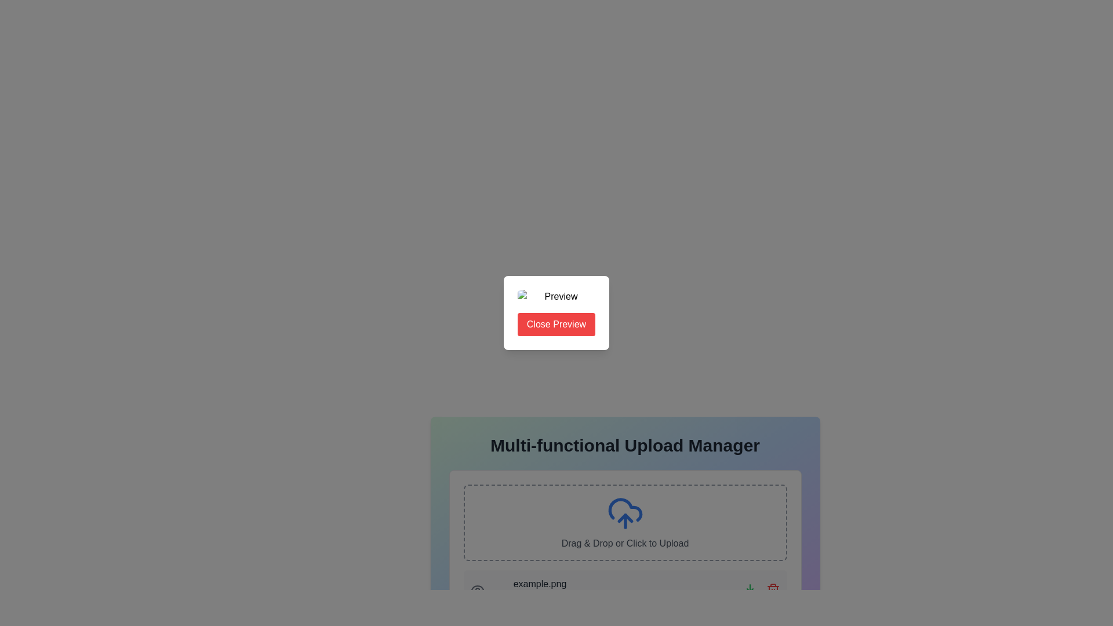  I want to click on text label that displays 'Multi-functional Upload Manager', which is centered and bold within a gradient-colored box, so click(624, 445).